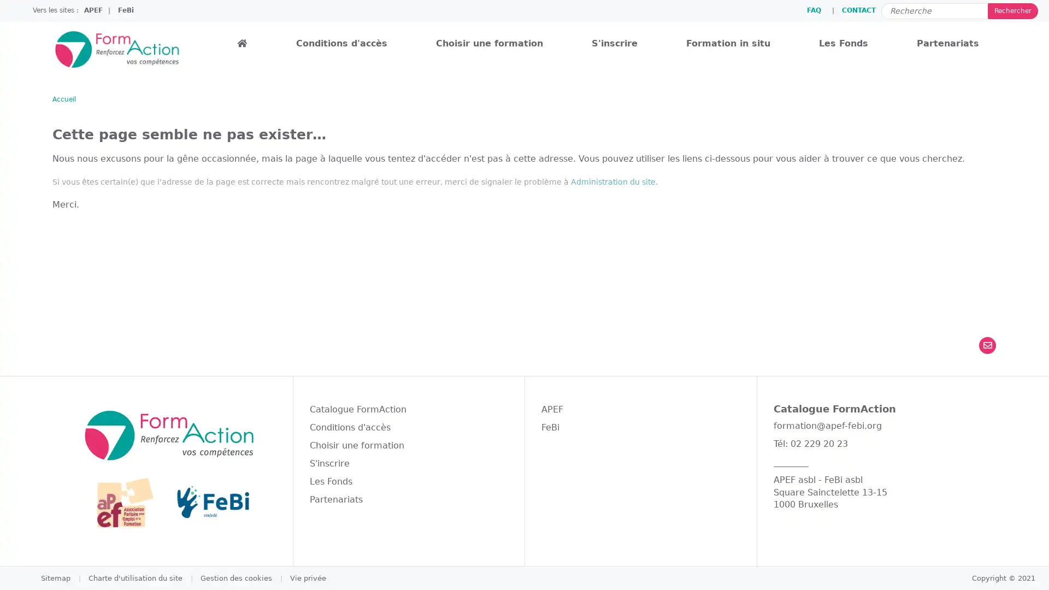  I want to click on Rechercher, so click(1012, 10).